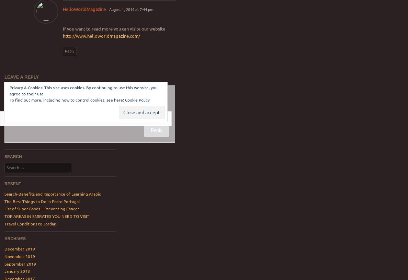 The image size is (408, 280). Describe the element at coordinates (137, 99) in the screenshot. I see `'Cookie Policy'` at that location.